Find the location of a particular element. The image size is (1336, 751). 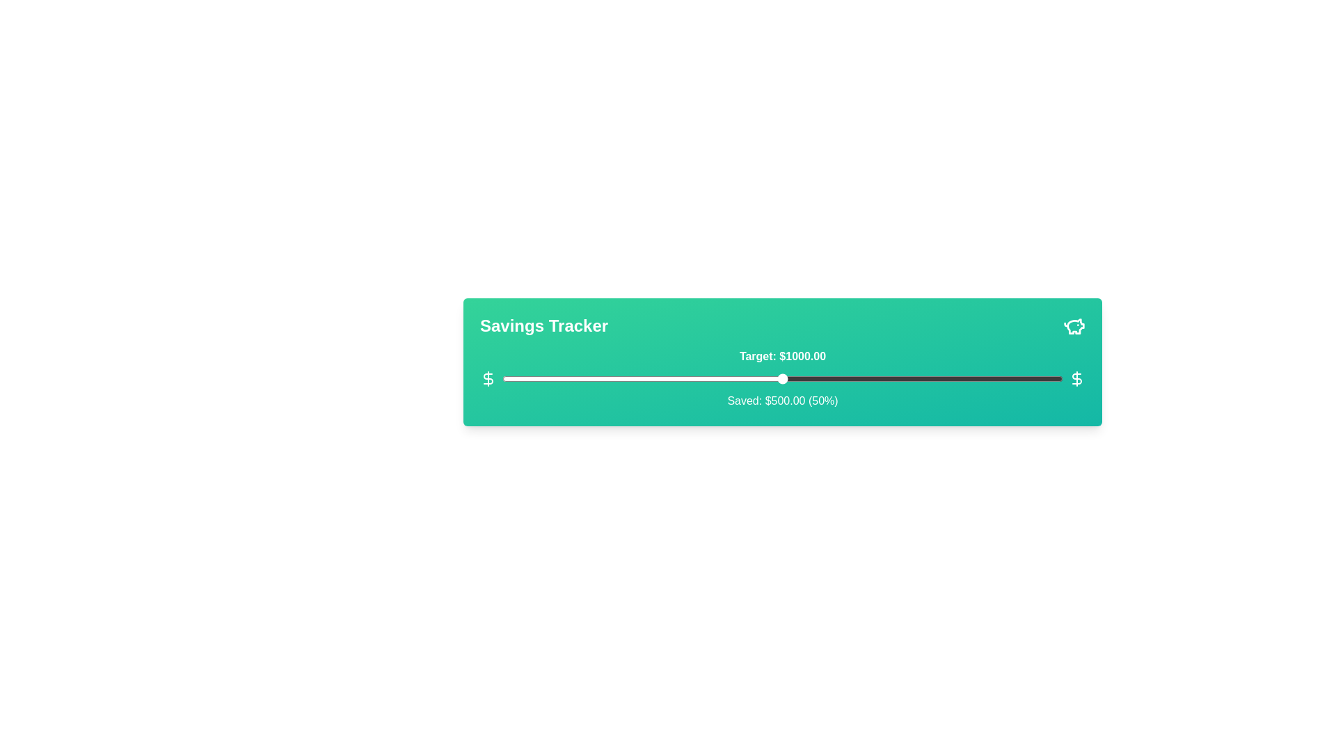

the savings tracker is located at coordinates (1051, 378).